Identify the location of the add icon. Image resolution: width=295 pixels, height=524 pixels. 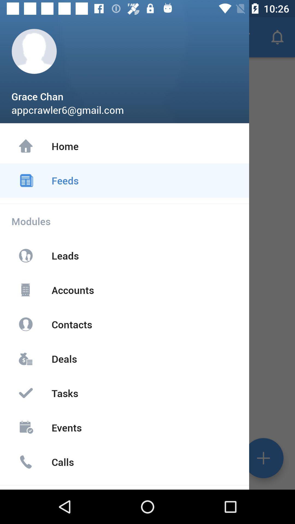
(263, 458).